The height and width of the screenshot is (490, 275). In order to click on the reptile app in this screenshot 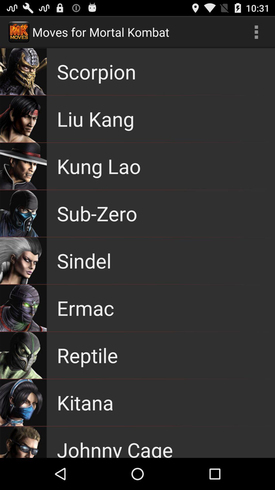, I will do `click(87, 355)`.